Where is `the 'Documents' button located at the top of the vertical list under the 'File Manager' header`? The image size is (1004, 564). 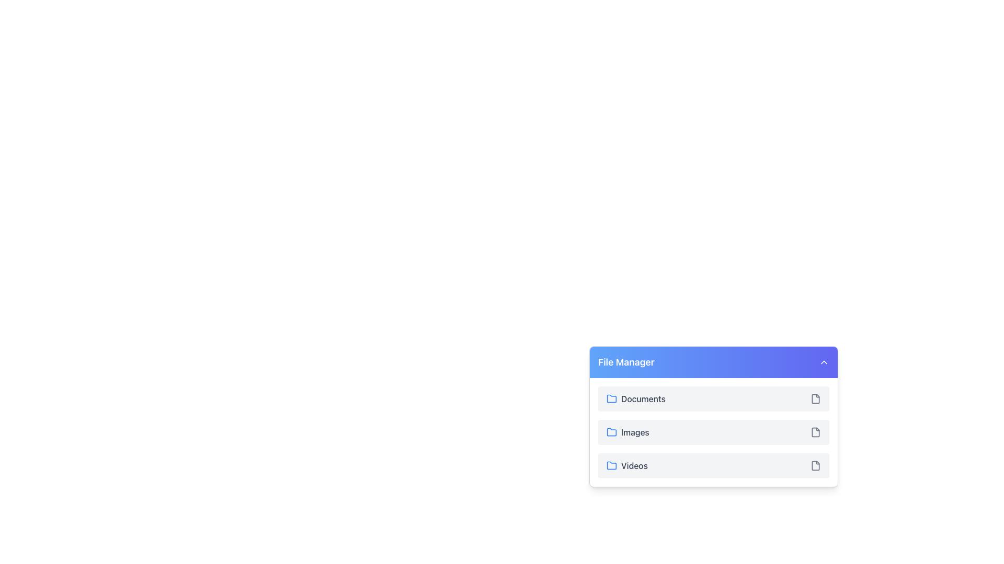 the 'Documents' button located at the top of the vertical list under the 'File Manager' header is located at coordinates (635, 398).